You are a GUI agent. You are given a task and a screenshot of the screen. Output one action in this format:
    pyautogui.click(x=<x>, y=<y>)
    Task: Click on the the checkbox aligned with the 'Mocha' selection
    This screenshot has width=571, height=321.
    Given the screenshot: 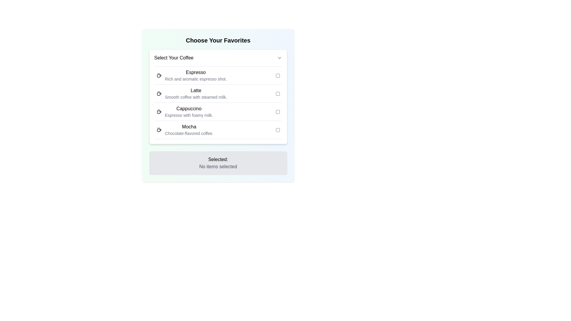 What is the action you would take?
    pyautogui.click(x=277, y=129)
    